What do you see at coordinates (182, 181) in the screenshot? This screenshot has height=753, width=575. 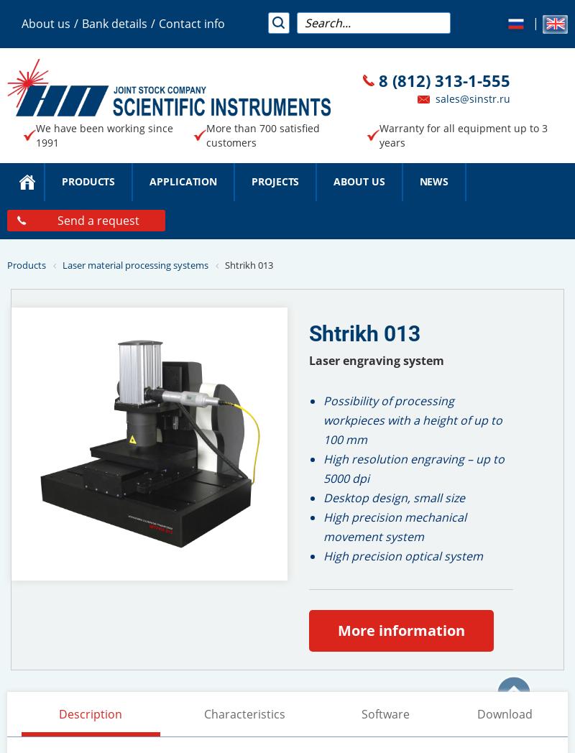 I see `'Application'` at bounding box center [182, 181].